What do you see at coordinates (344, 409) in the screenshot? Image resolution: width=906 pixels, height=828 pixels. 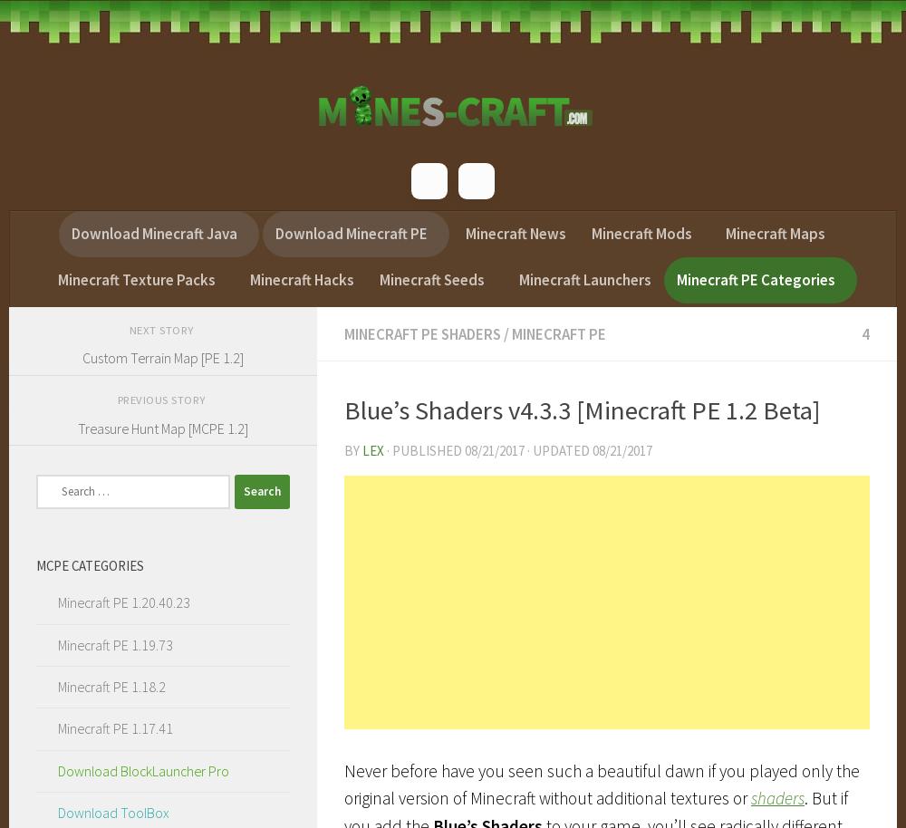 I see `'Blue’s Shaders v4.3.3 [Minecraft PE 1.2 Beta]'` at bounding box center [344, 409].